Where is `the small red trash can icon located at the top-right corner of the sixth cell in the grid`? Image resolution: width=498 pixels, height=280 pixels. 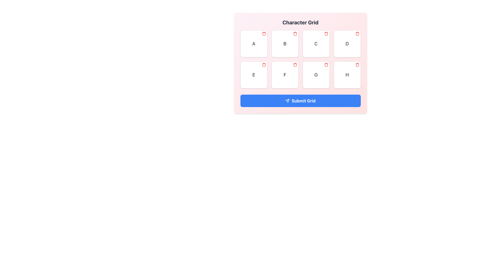 the small red trash can icon located at the top-right corner of the sixth cell in the grid is located at coordinates (295, 65).